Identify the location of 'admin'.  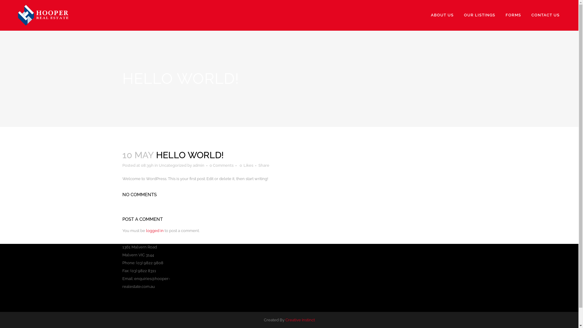
(198, 165).